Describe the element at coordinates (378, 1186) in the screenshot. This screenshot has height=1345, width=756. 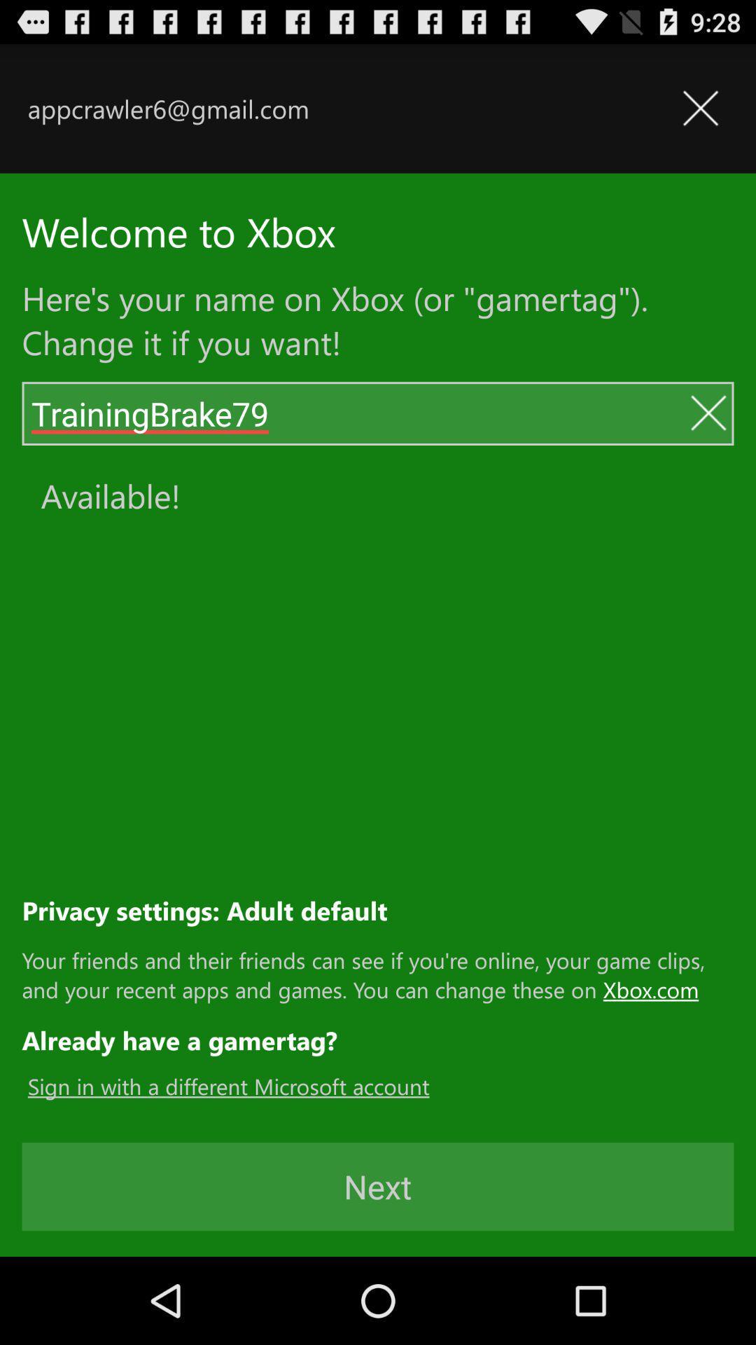
I see `the next button` at that location.